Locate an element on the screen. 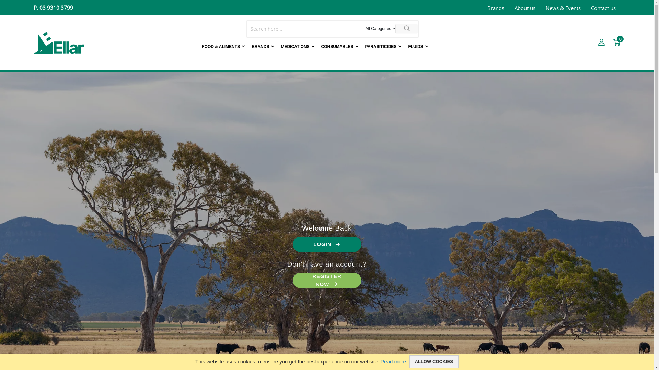 The height and width of the screenshot is (370, 659). 'Read more' is located at coordinates (393, 361).